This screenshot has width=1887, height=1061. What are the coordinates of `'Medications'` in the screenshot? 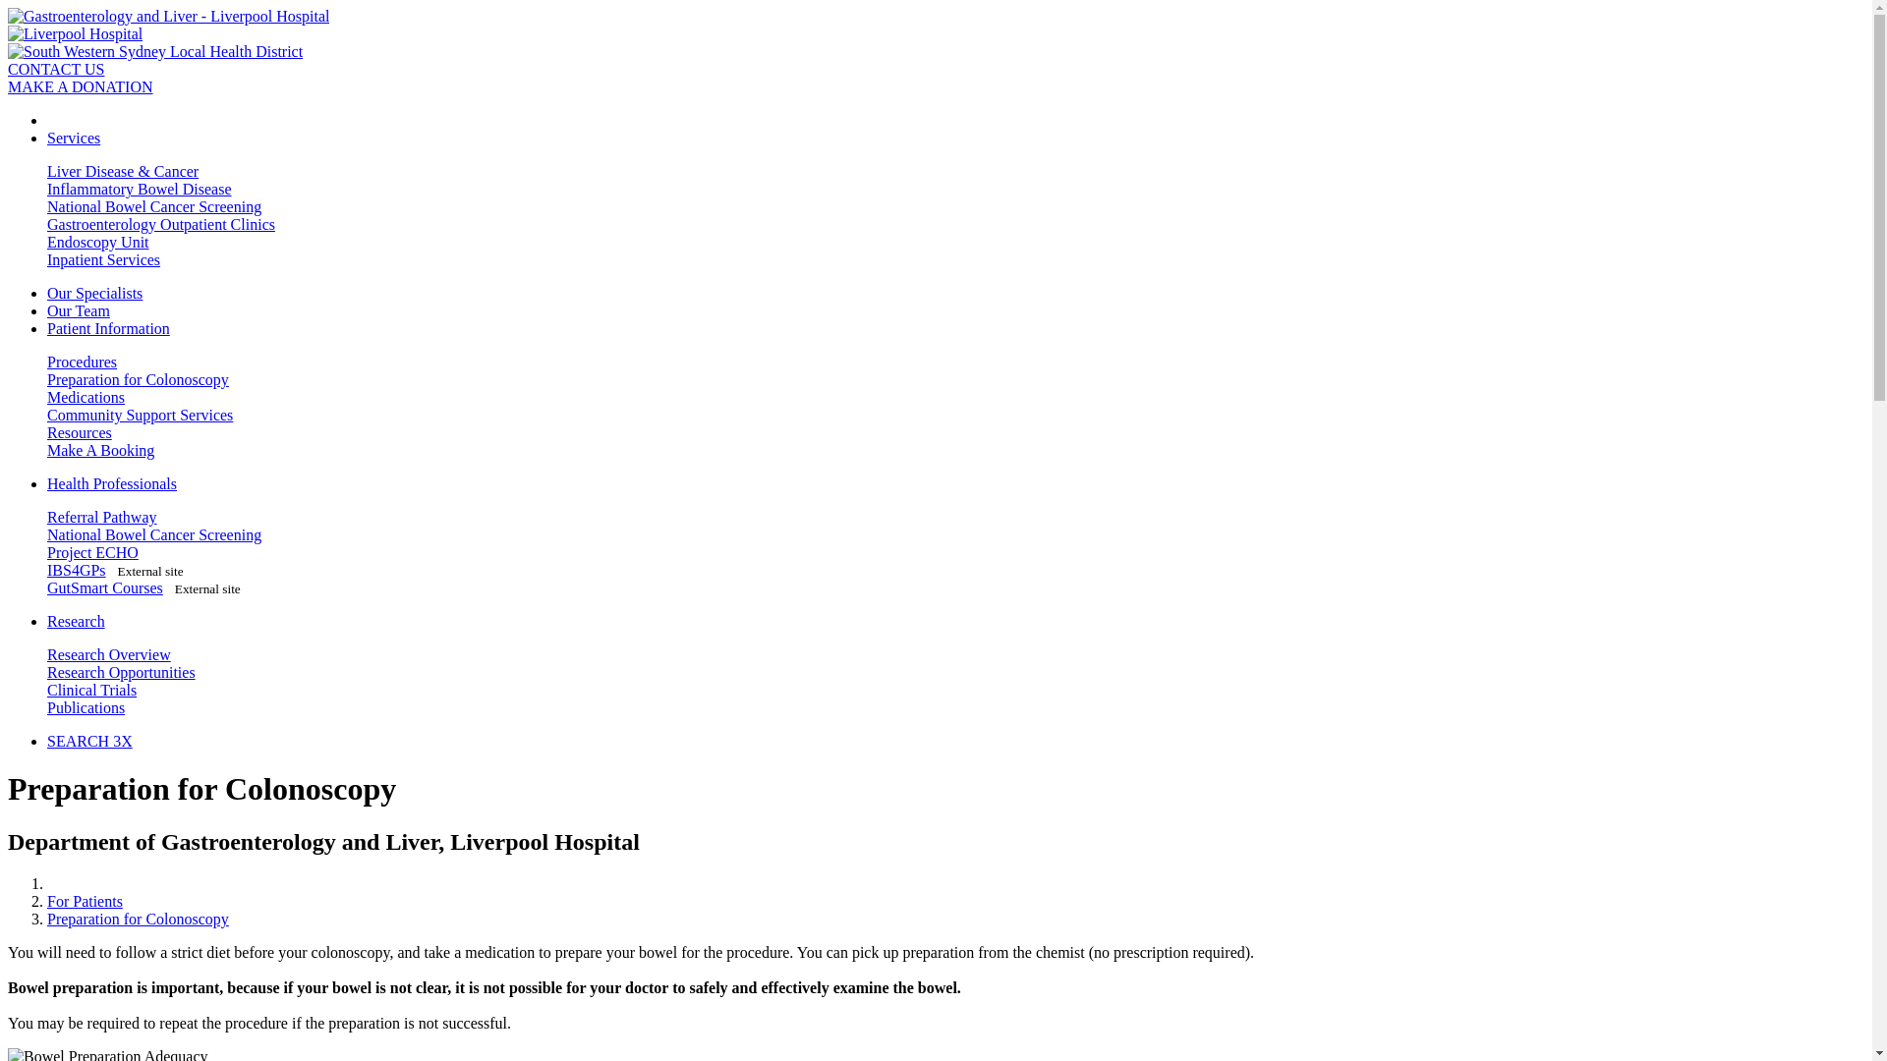 It's located at (85, 397).